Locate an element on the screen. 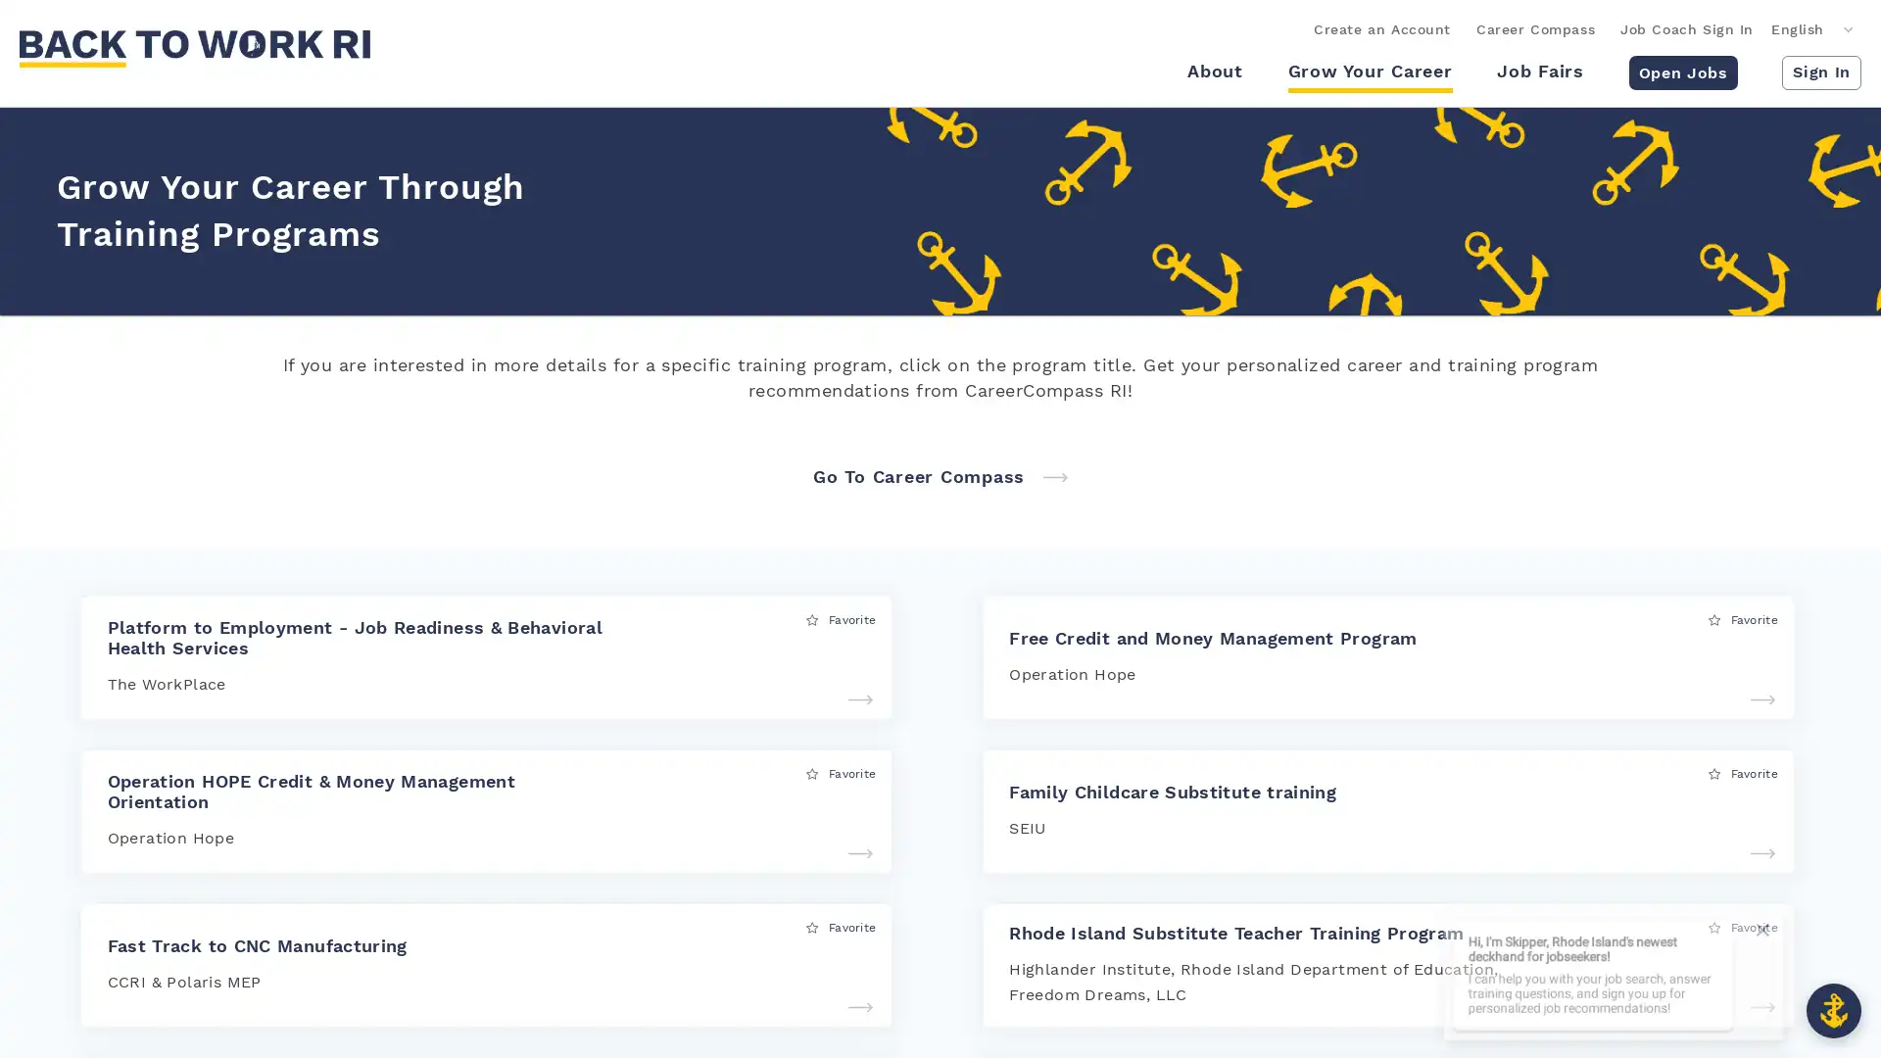 This screenshot has width=1881, height=1058. not favorite Favorite is located at coordinates (841, 619).